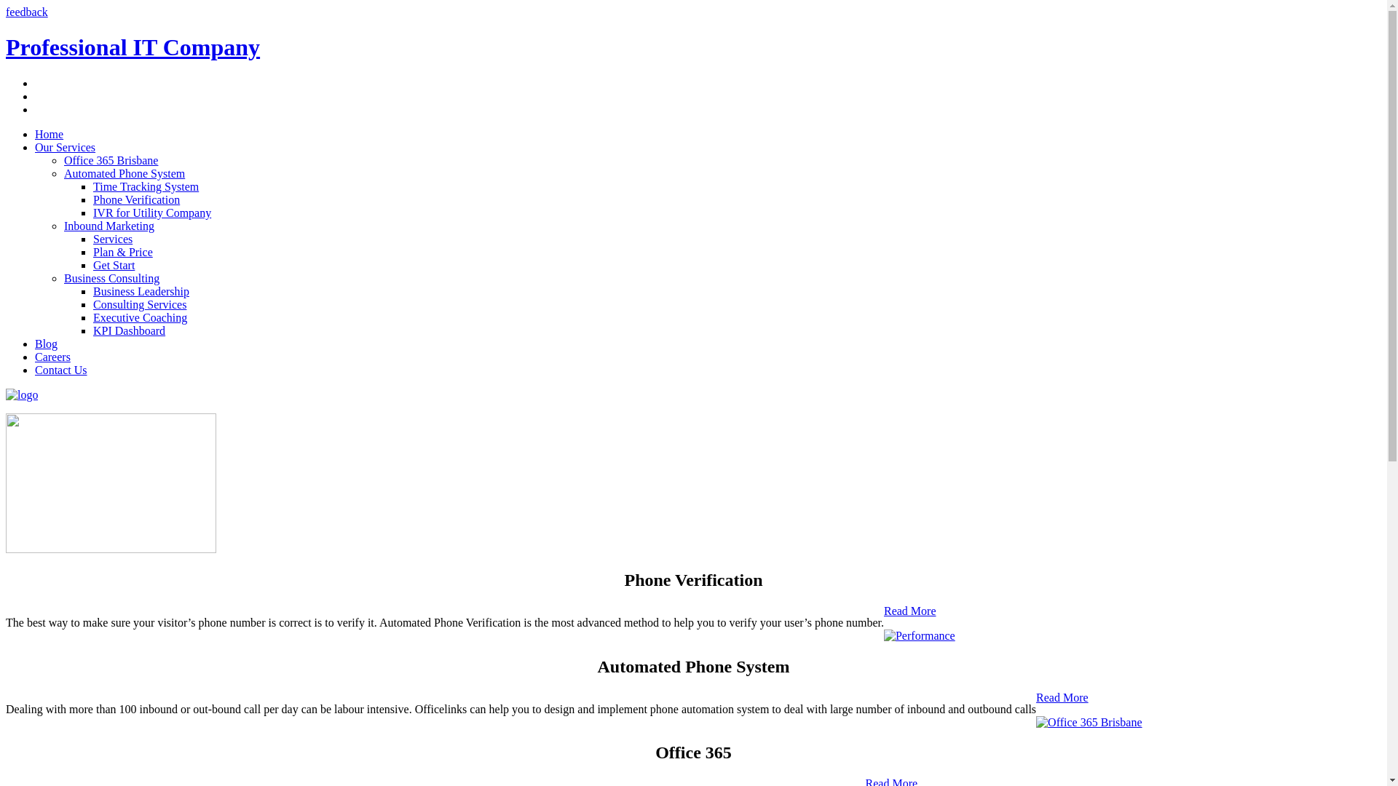 The width and height of the screenshot is (1398, 786). I want to click on 'Executive Coaching', so click(140, 317).